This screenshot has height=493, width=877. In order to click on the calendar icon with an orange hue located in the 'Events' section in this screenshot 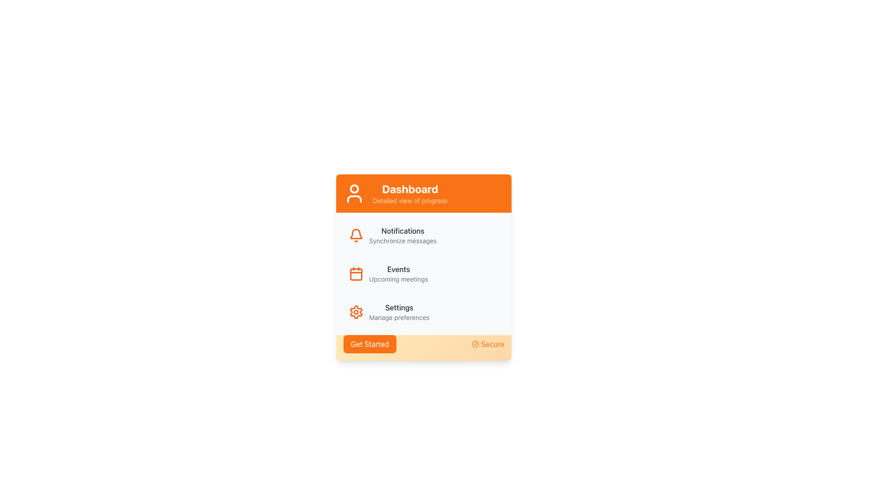, I will do `click(355, 273)`.